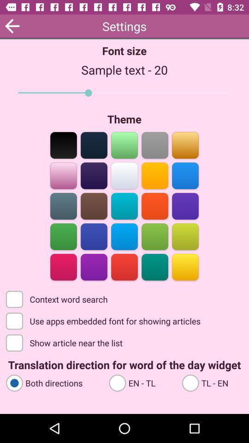 This screenshot has height=443, width=249. What do you see at coordinates (154, 235) in the screenshot?
I see `theme colour` at bounding box center [154, 235].